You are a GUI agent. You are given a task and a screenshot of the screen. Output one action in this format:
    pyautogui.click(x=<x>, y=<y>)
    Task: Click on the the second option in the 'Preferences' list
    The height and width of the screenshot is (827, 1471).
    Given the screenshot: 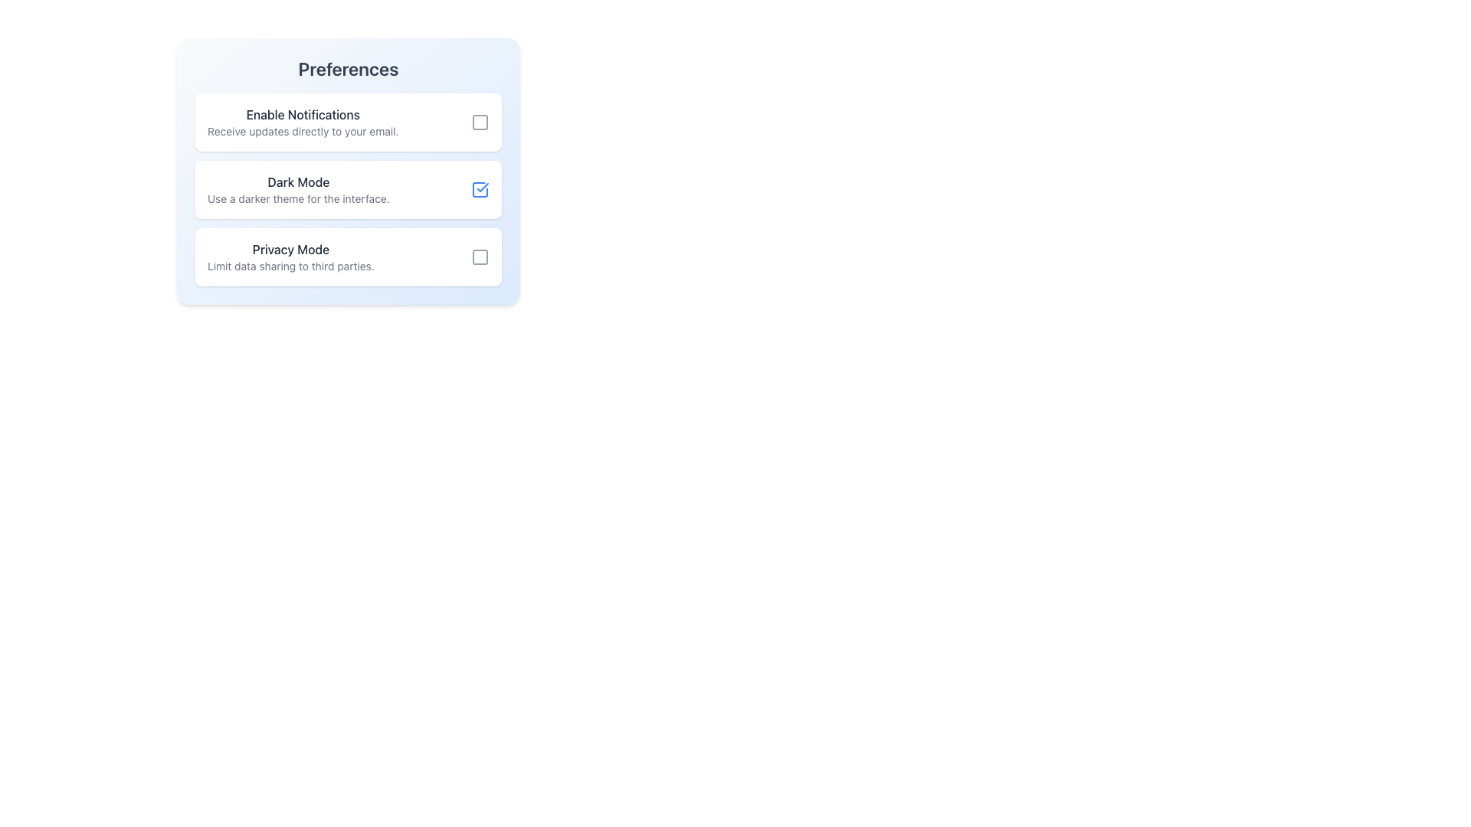 What is the action you would take?
    pyautogui.click(x=348, y=188)
    